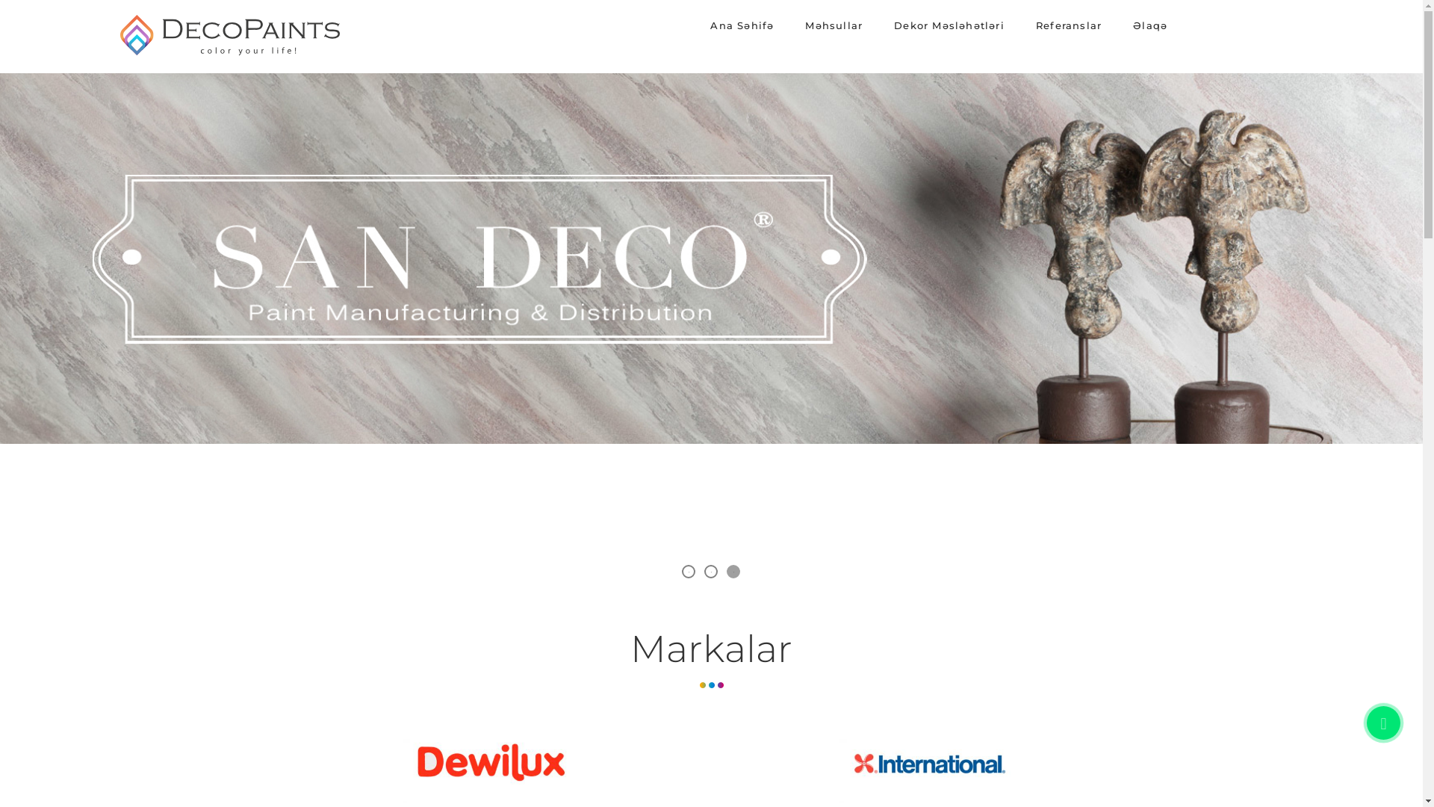 The height and width of the screenshot is (807, 1434). I want to click on '1', so click(687, 571).